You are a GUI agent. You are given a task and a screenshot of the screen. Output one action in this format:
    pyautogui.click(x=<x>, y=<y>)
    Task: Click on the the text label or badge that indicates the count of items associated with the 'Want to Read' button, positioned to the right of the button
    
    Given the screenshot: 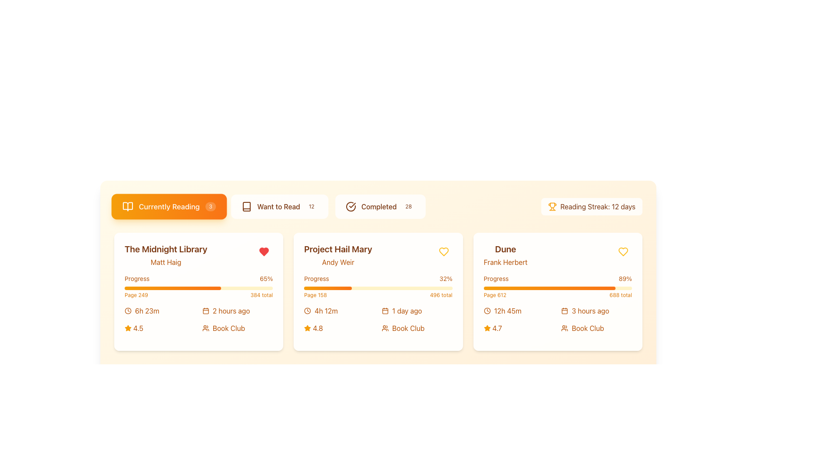 What is the action you would take?
    pyautogui.click(x=311, y=206)
    